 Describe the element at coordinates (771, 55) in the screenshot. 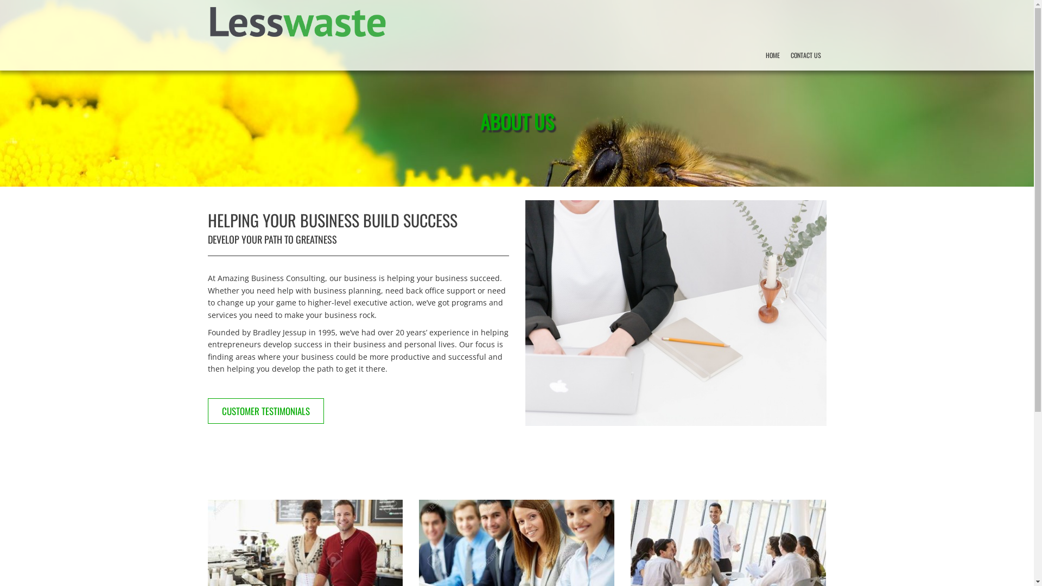

I see `'HOME'` at that location.